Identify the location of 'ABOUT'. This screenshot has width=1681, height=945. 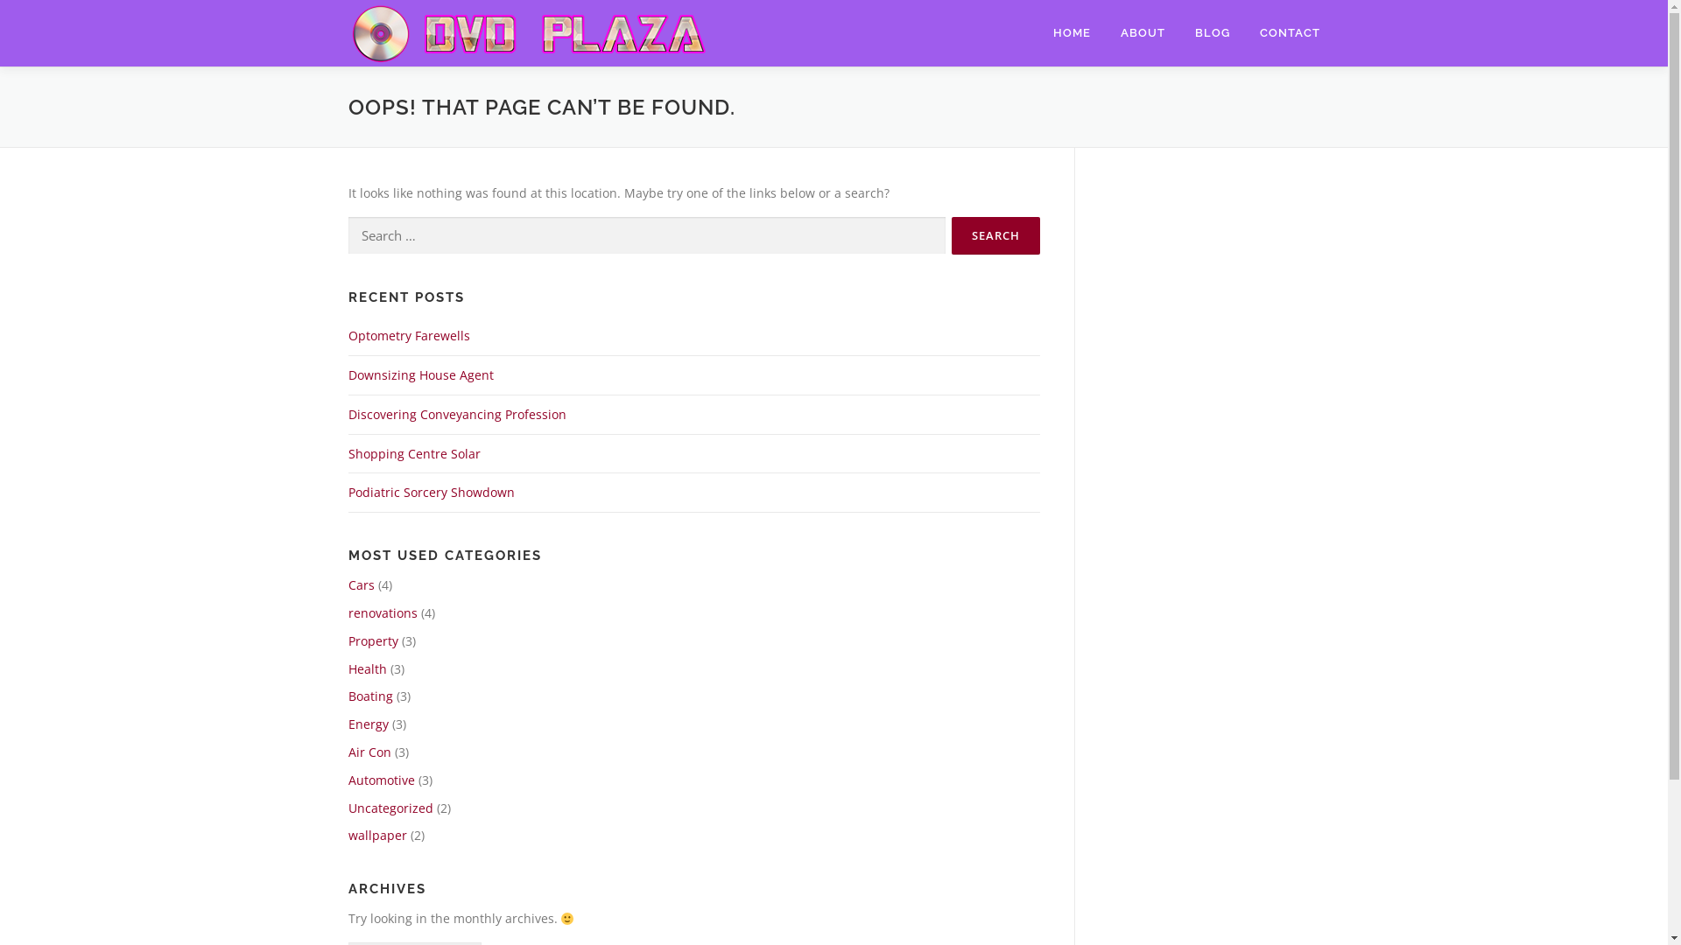
(1142, 32).